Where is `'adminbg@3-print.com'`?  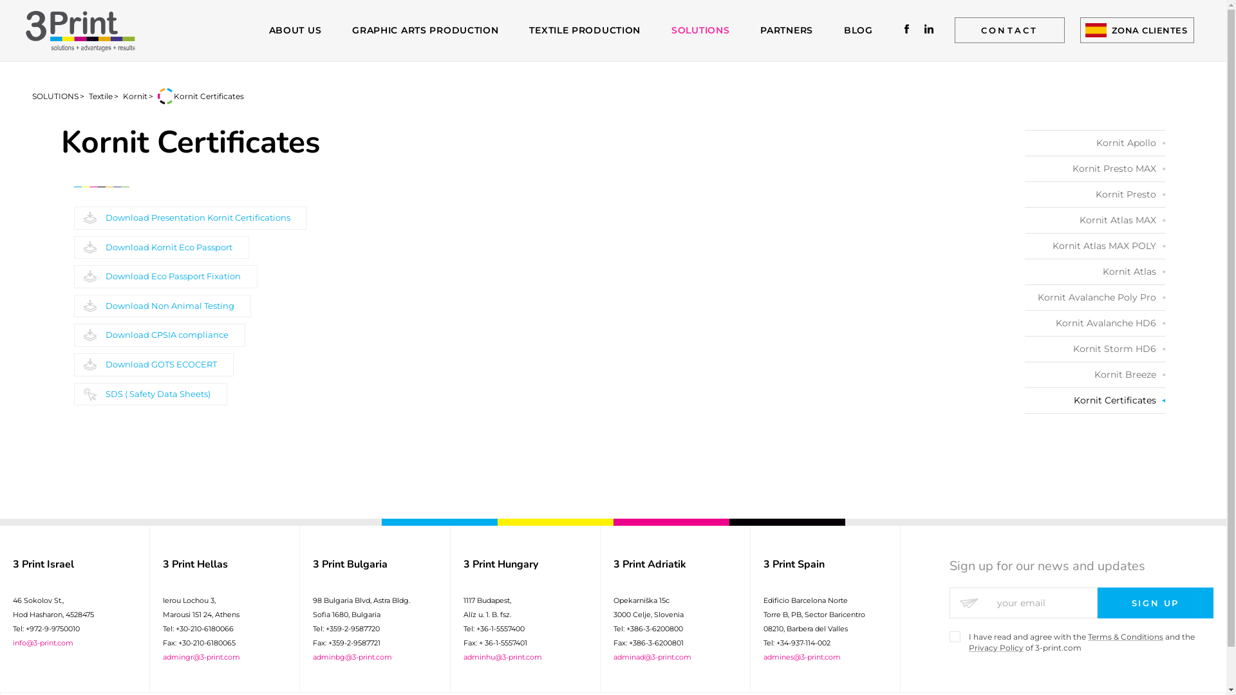 'adminbg@3-print.com' is located at coordinates (352, 657).